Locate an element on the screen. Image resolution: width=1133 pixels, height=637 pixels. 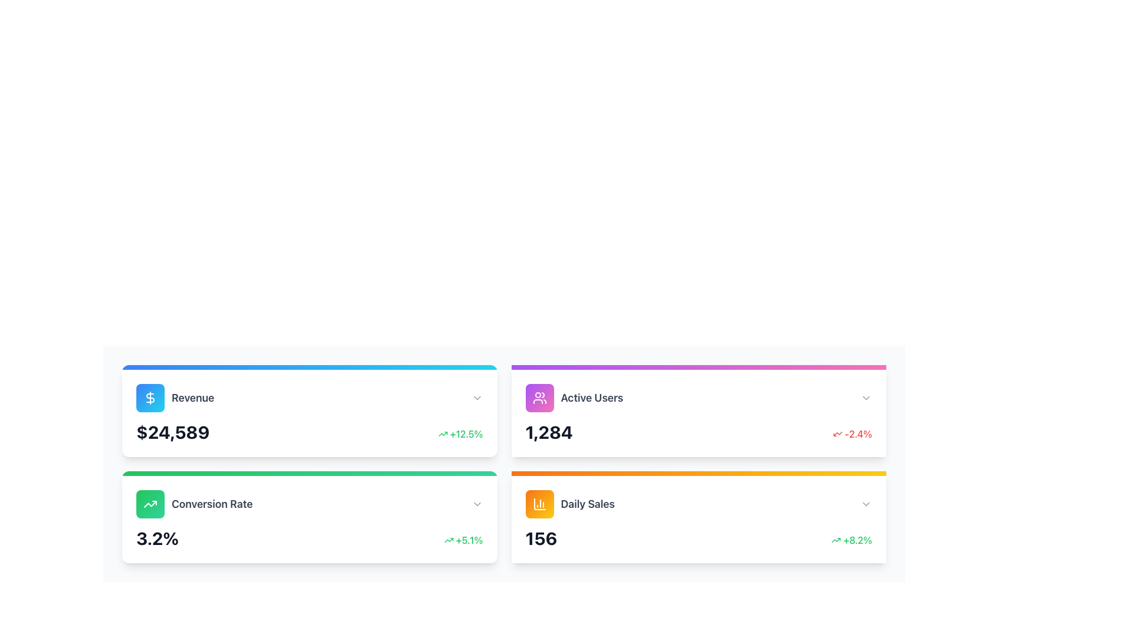
the small red upward trend line icon located to the left of the '-2.4%' text, which indicates a change in 'Active Users' is located at coordinates (837, 434).